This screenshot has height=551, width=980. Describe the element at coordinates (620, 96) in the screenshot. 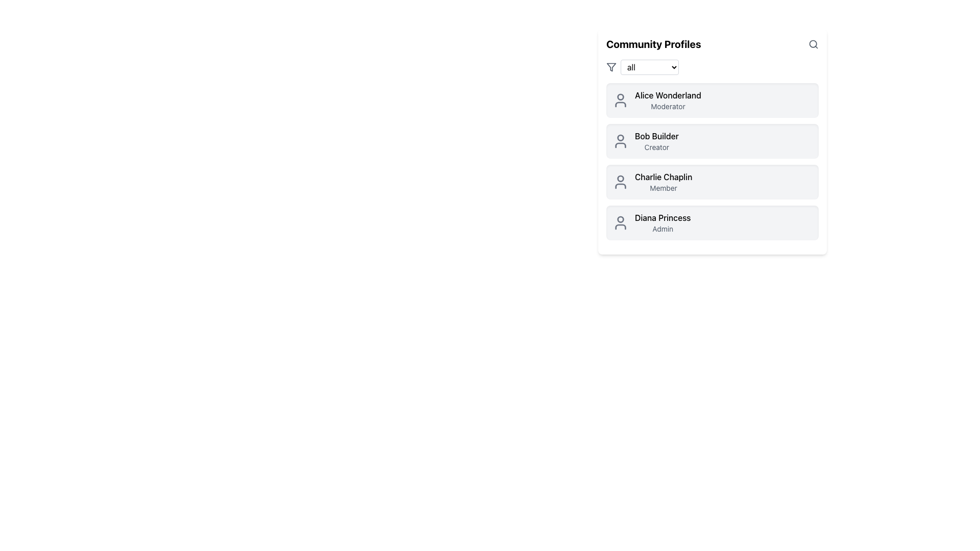

I see `the circular component that represents the head in the user profile icon for 'Alice Wonderland' located in the first row of the profile list` at that location.